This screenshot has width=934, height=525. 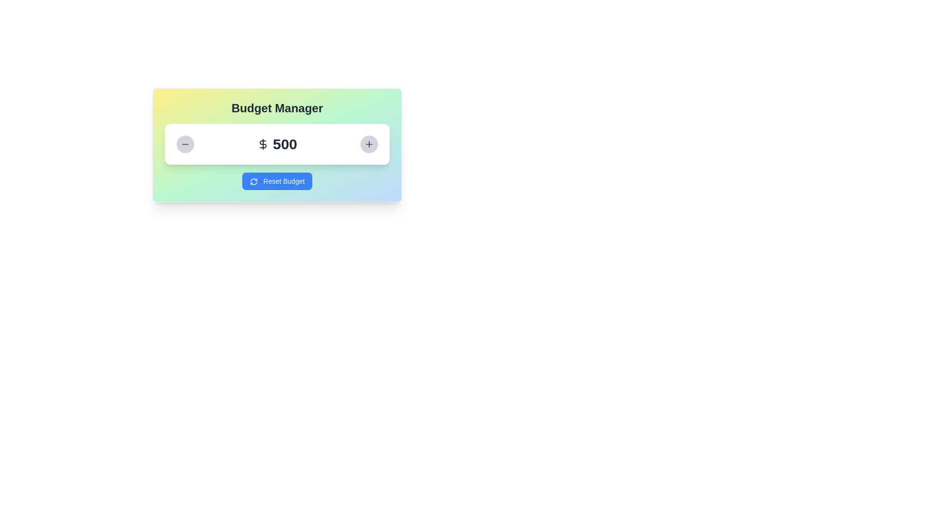 What do you see at coordinates (185, 144) in the screenshot?
I see `the decrement button located to the left of the number '500' to potentially reveal a tooltip` at bounding box center [185, 144].